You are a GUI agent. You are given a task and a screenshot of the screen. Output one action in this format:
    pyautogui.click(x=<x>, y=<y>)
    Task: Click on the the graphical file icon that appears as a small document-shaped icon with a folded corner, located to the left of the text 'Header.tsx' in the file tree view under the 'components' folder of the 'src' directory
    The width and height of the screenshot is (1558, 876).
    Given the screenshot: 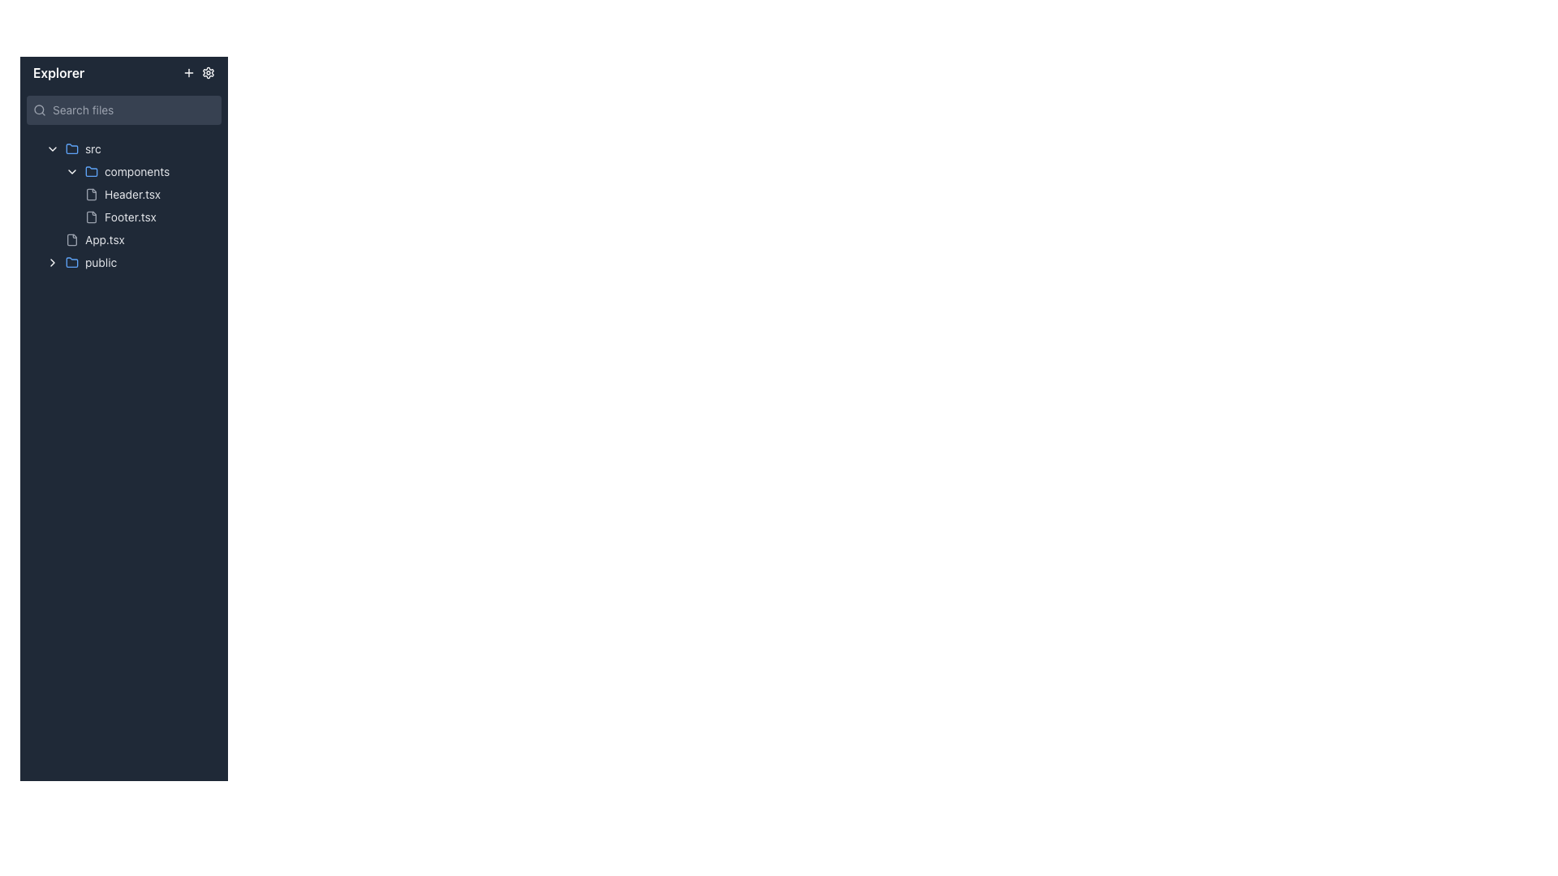 What is the action you would take?
    pyautogui.click(x=91, y=193)
    